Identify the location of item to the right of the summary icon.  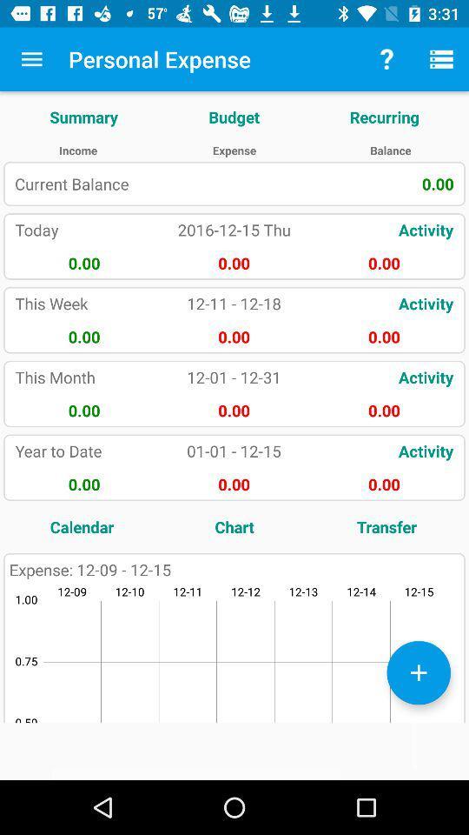
(234, 116).